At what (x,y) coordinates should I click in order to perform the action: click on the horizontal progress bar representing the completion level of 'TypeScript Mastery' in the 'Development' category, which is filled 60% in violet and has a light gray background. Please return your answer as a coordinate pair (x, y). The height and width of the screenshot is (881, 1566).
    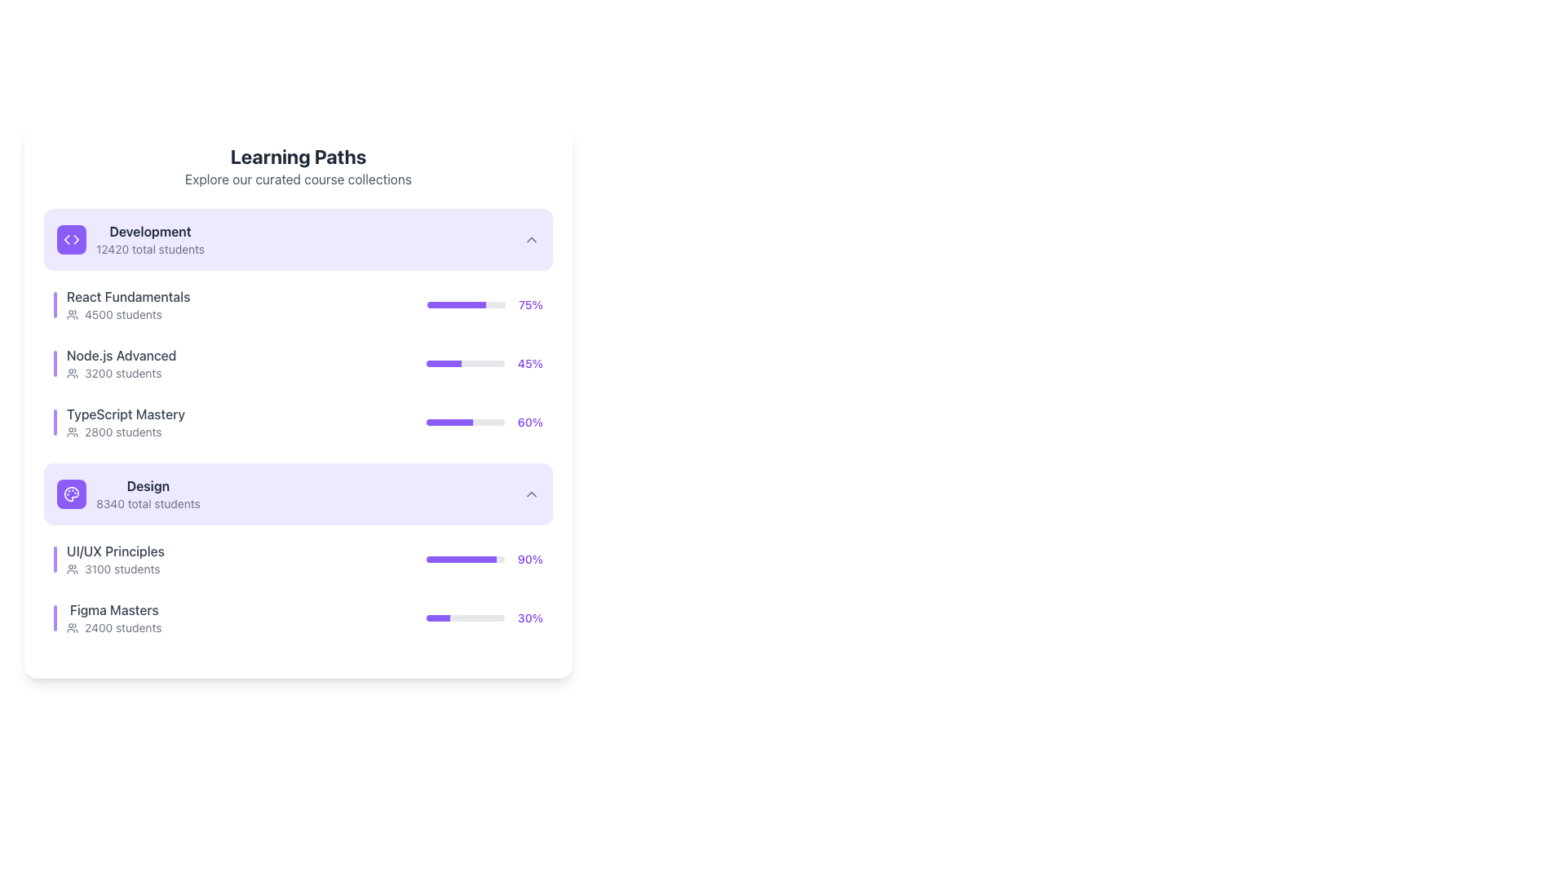
    Looking at the image, I should click on (464, 421).